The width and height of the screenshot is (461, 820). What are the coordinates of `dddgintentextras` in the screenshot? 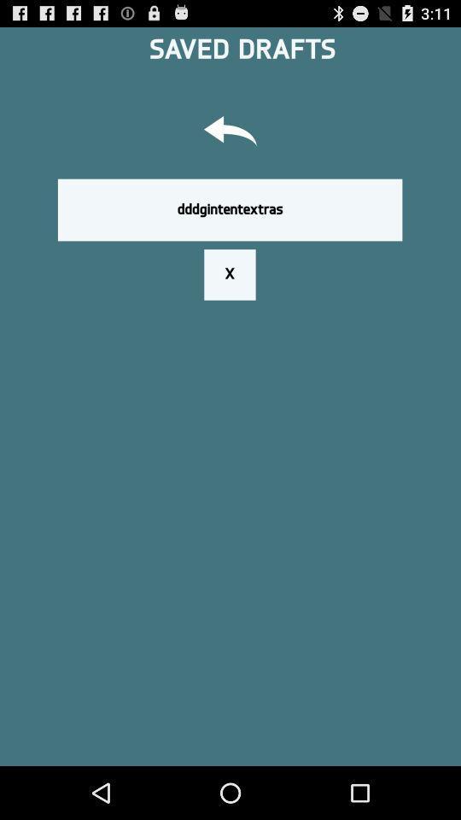 It's located at (230, 208).